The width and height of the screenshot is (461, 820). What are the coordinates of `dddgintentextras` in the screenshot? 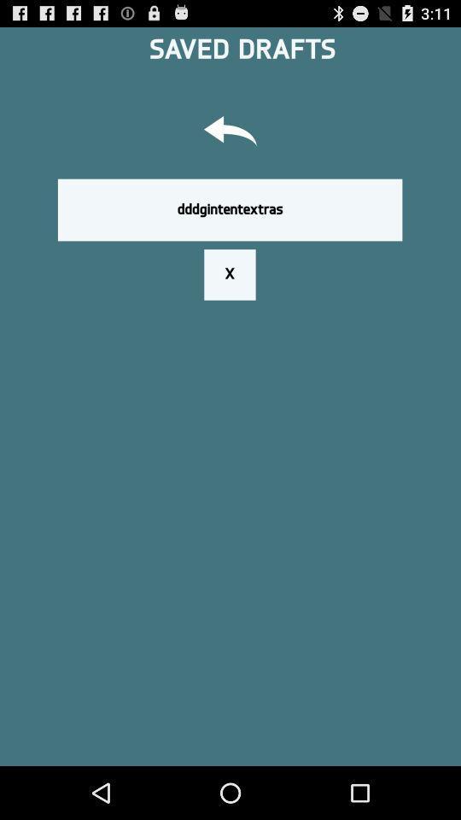 It's located at (230, 208).